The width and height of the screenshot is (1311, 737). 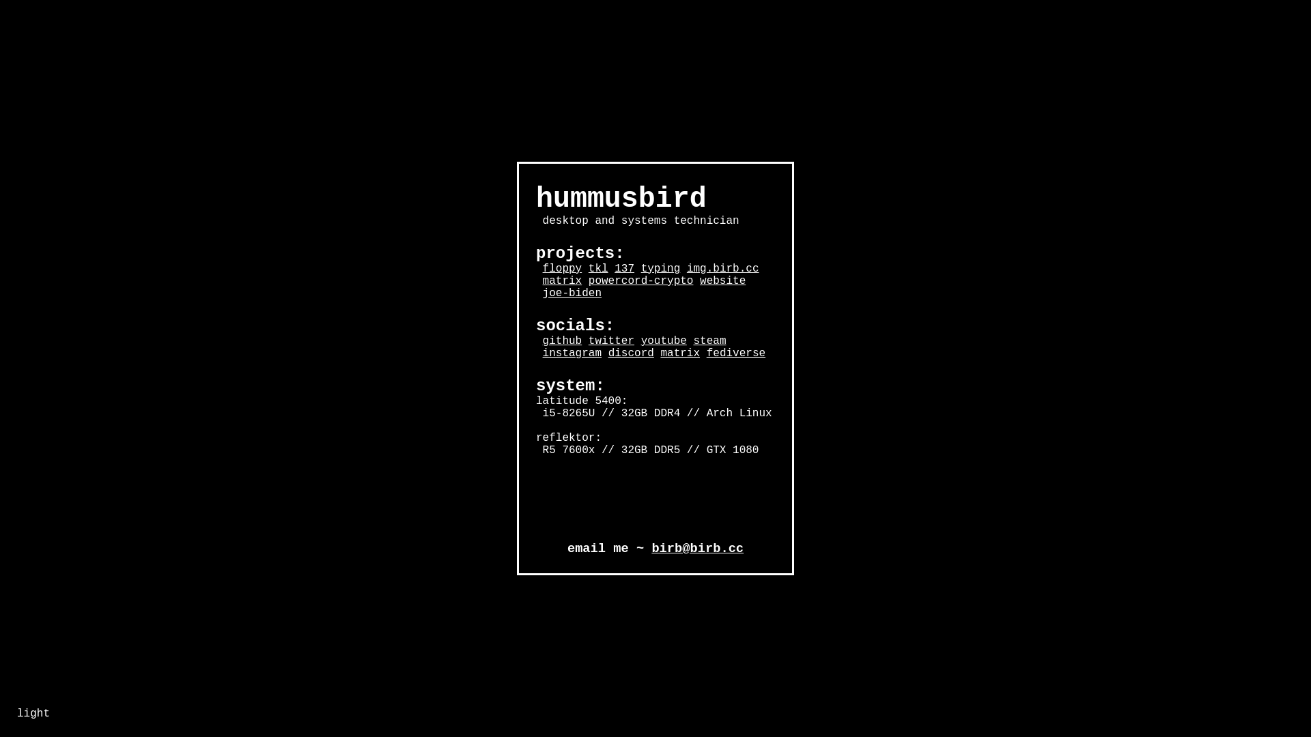 I want to click on 'instagram', so click(x=542, y=352).